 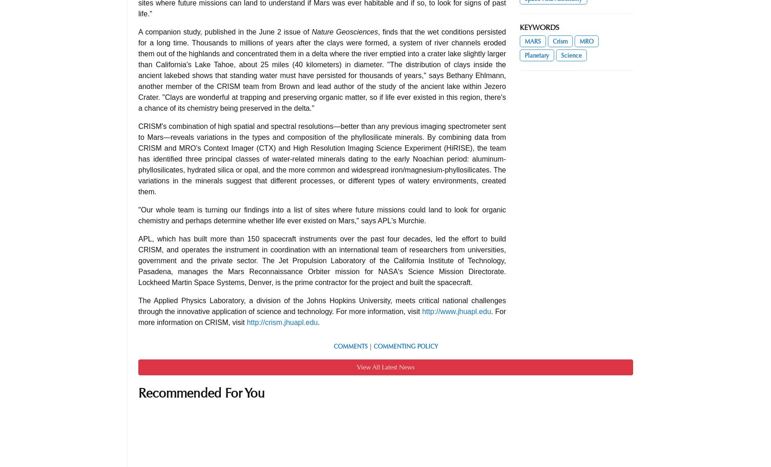 I want to click on '|', so click(x=370, y=346).